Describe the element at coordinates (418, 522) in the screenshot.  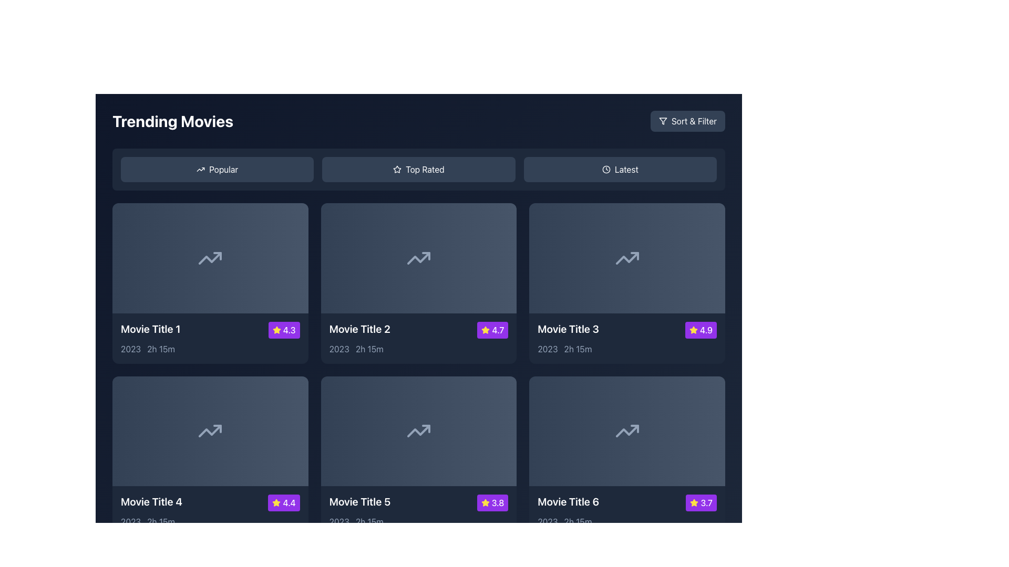
I see `the text label displaying '2023 2h 15m' which is styled in a subdued gray font and located below the title and rating of the fifth movie card in the grid of trending movies` at that location.